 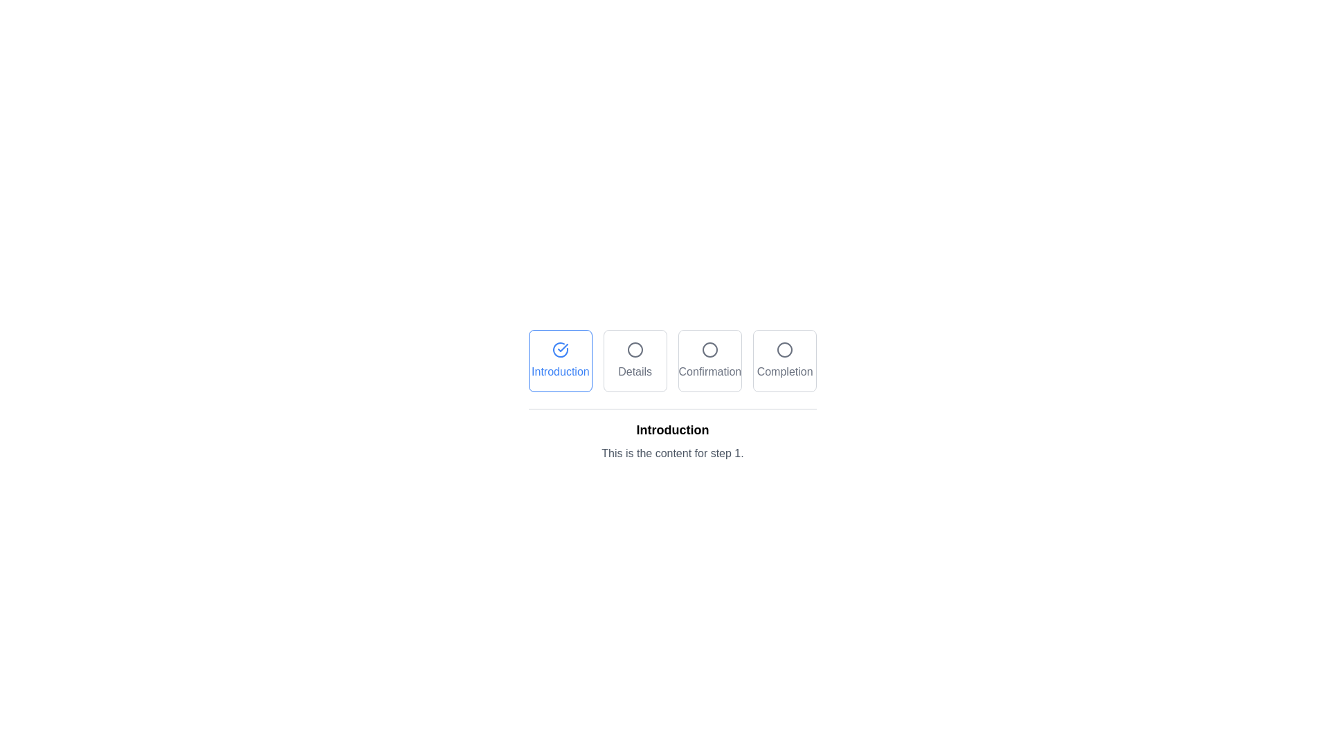 I want to click on the 'Details' button, which is the second button in a row of four, to activate hover effects, so click(x=634, y=360).